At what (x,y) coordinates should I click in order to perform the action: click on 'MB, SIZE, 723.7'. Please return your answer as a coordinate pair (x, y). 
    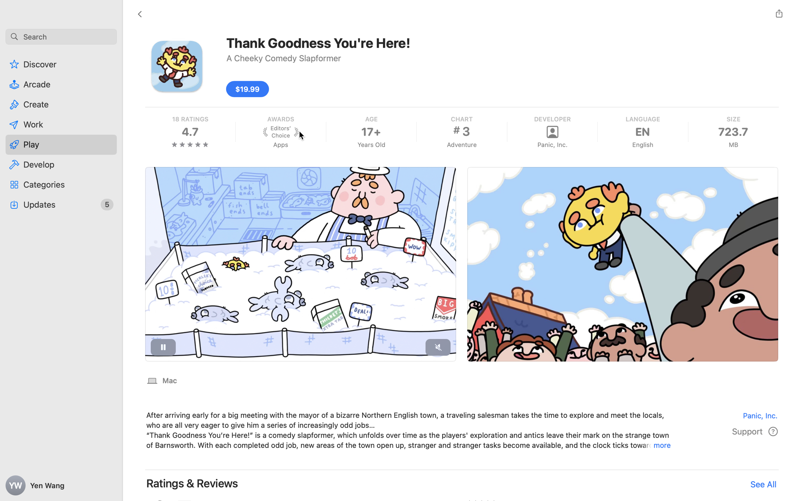
    Looking at the image, I should click on (733, 131).